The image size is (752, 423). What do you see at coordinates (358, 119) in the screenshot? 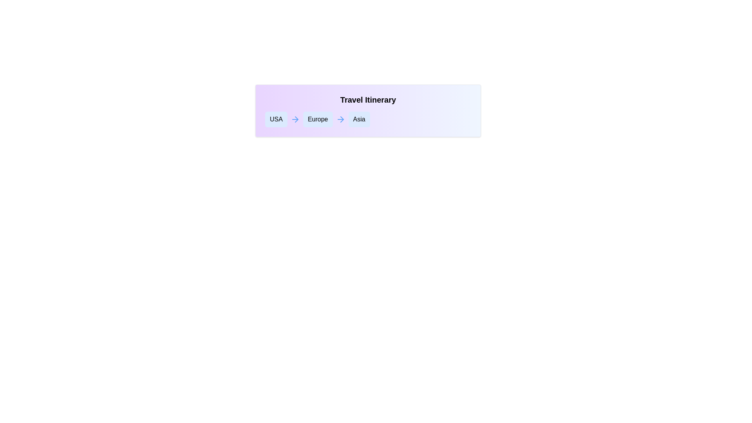
I see `the third button in the sequence` at bounding box center [358, 119].